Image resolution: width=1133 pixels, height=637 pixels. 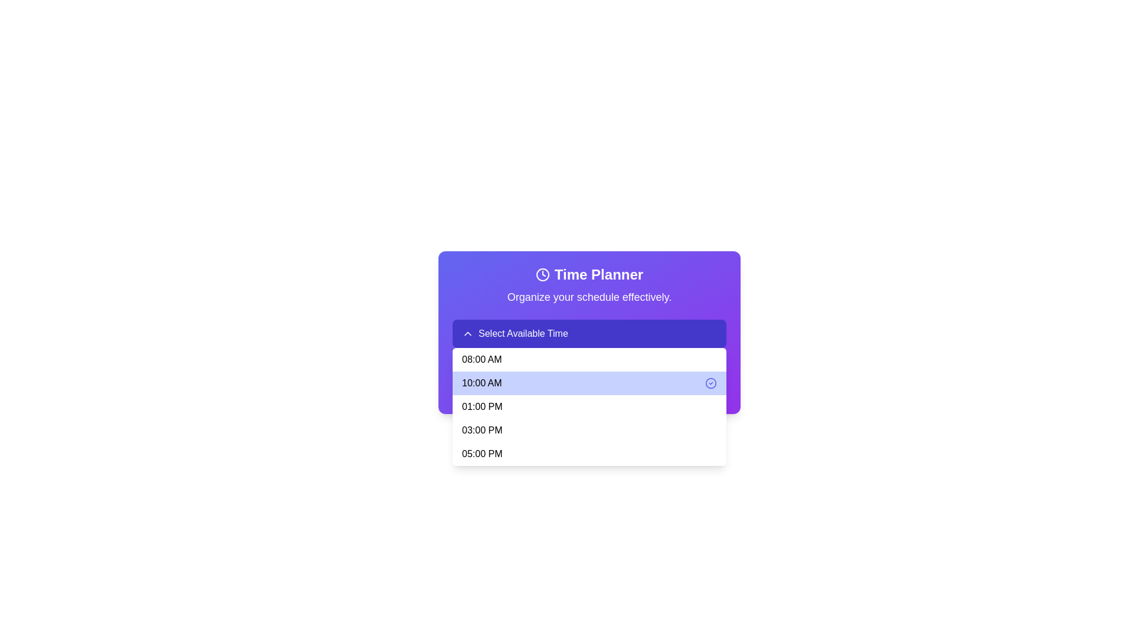 I want to click on the third option in the dropdown menu labeled '01:00 PM' to change its background color, so click(x=589, y=406).